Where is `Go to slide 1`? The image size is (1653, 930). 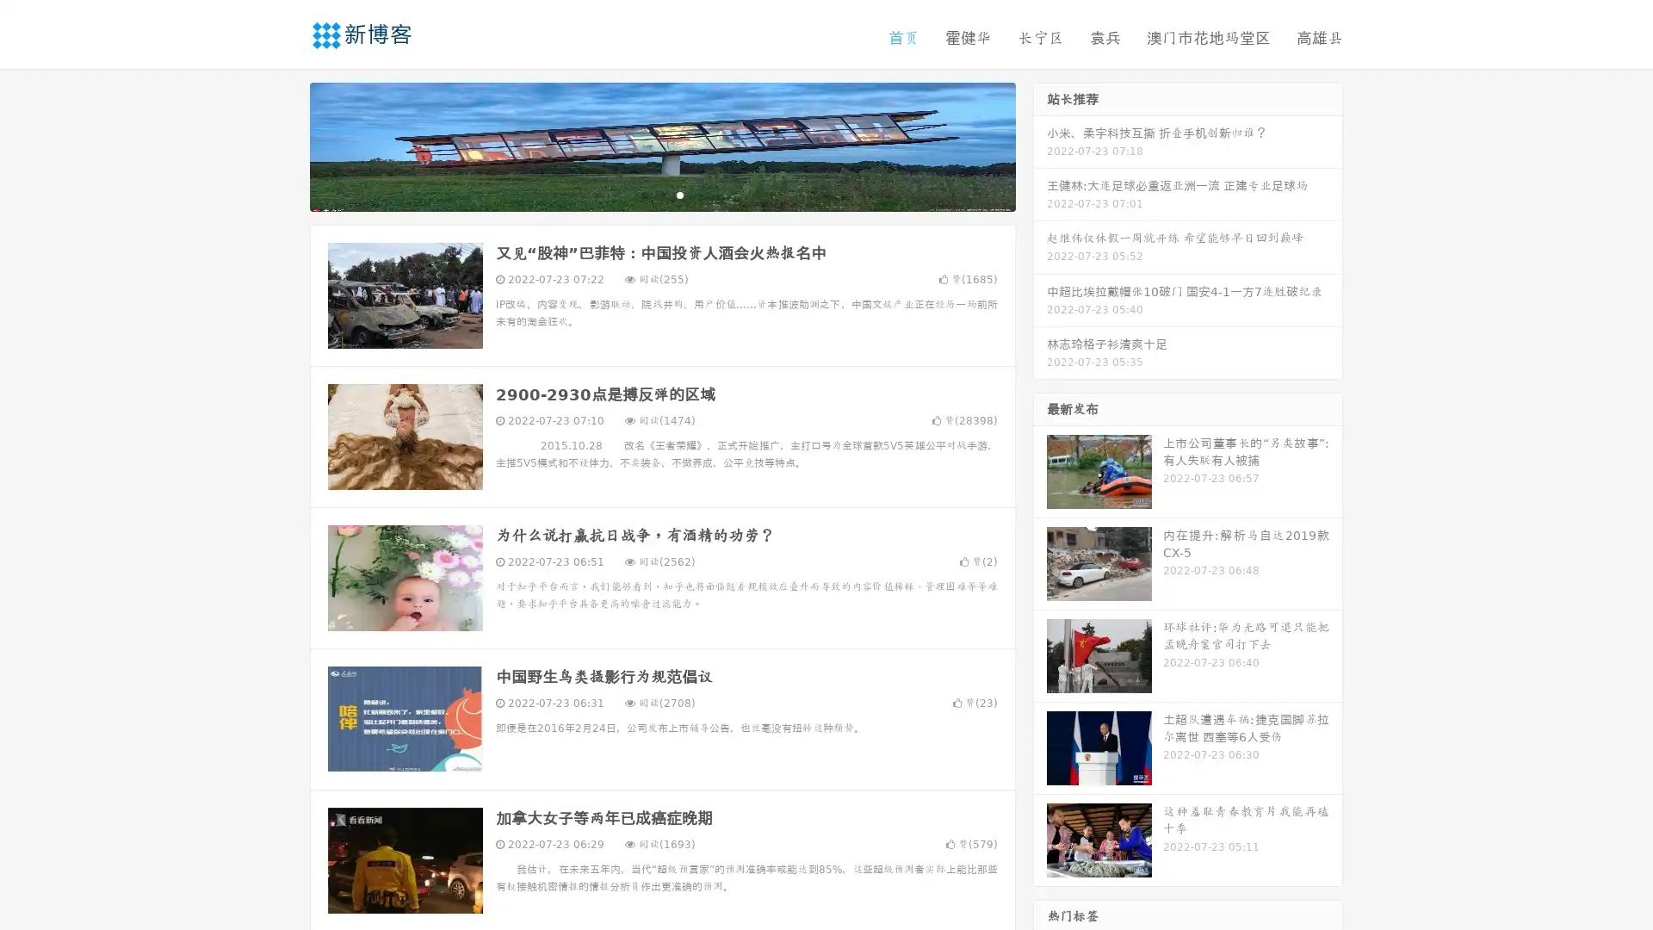 Go to slide 1 is located at coordinates (644, 194).